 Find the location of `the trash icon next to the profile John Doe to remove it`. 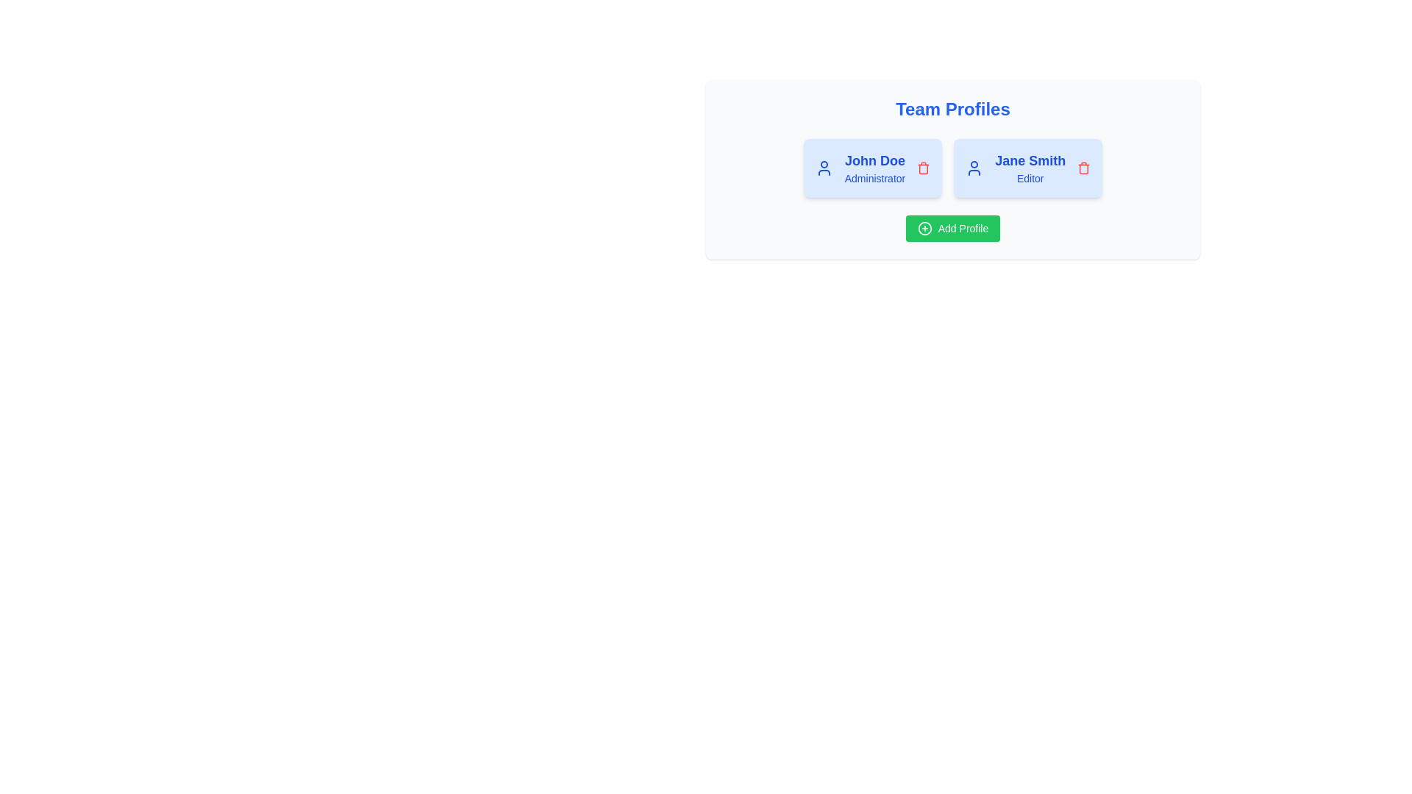

the trash icon next to the profile John Doe to remove it is located at coordinates (923, 167).